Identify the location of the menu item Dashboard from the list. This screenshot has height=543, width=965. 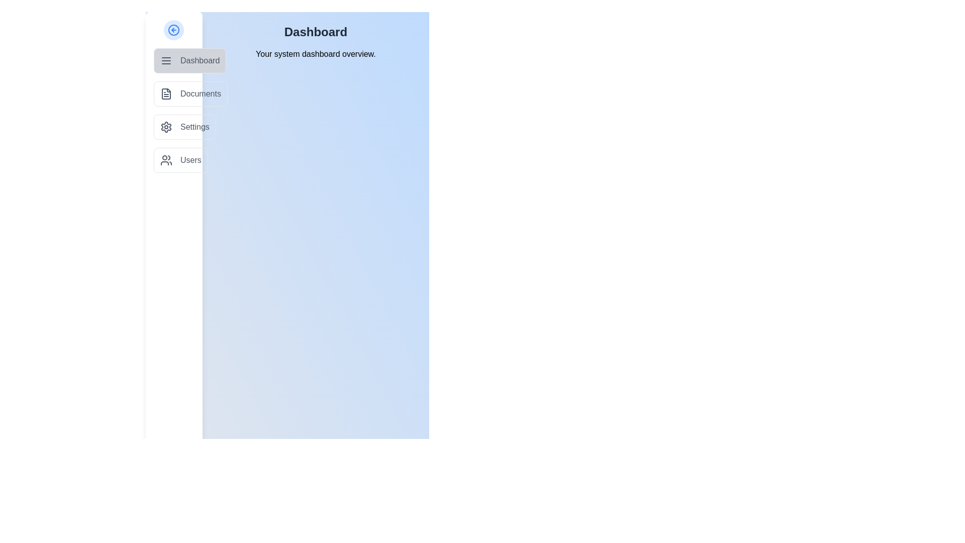
(190, 60).